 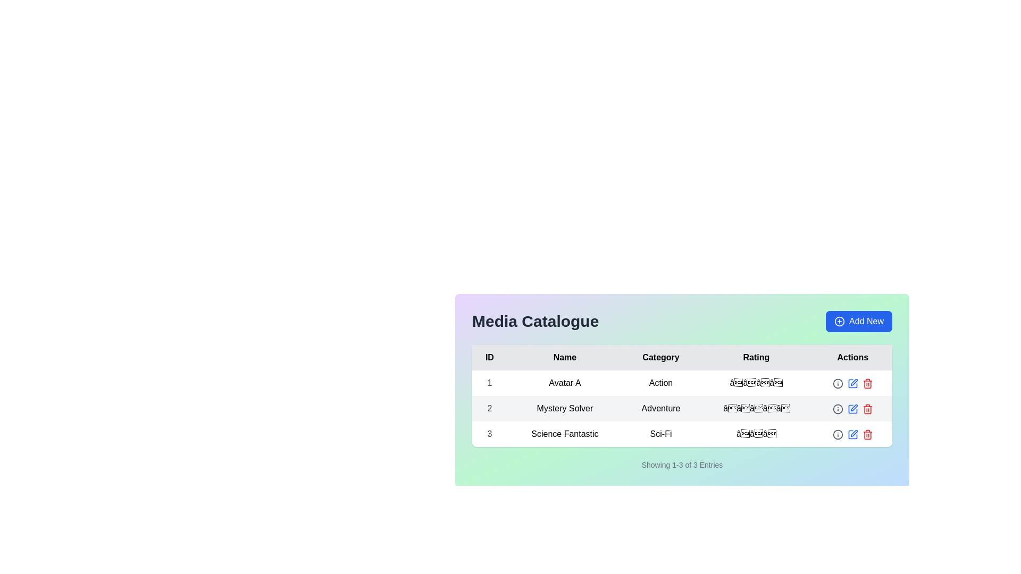 I want to click on the text label 'Sci-Fi' located in the third column of the third row in a table structure under the 'Category' label, so click(x=660, y=434).